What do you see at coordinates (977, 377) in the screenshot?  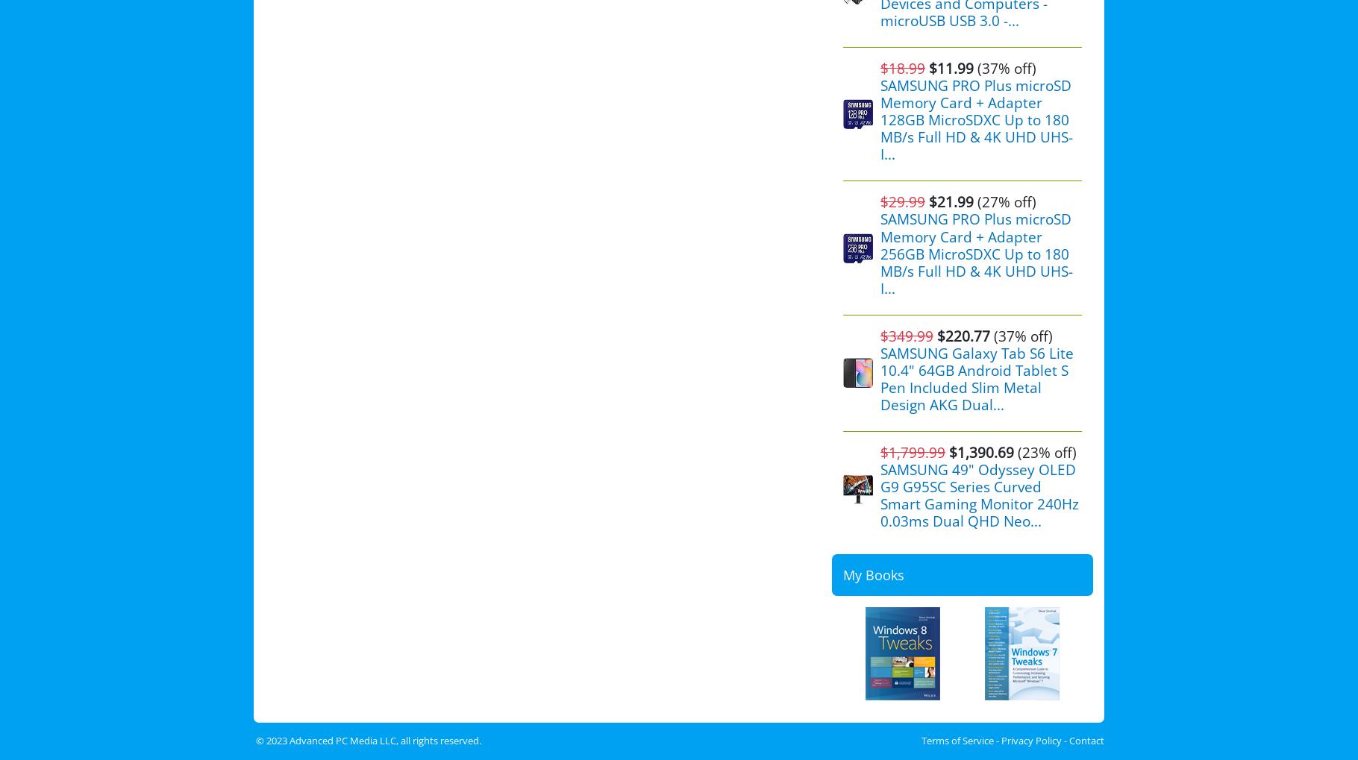 I see `'SAMSUNG Galaxy Tab S6 Lite 10.4" 64GB Android Tablet S Pen Included Slim Metal Design AKG Dual...'` at bounding box center [977, 377].